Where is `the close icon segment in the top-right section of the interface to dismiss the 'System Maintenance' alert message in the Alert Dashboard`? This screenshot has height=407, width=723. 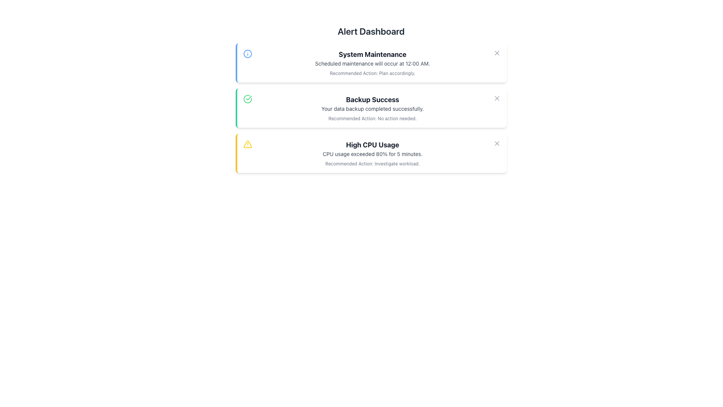 the close icon segment in the top-right section of the interface to dismiss the 'System Maintenance' alert message in the Alert Dashboard is located at coordinates (497, 53).